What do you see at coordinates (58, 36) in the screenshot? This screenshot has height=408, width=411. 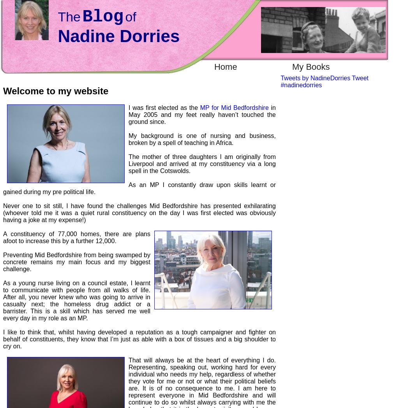 I see `'Nadine Dorries'` at bounding box center [58, 36].